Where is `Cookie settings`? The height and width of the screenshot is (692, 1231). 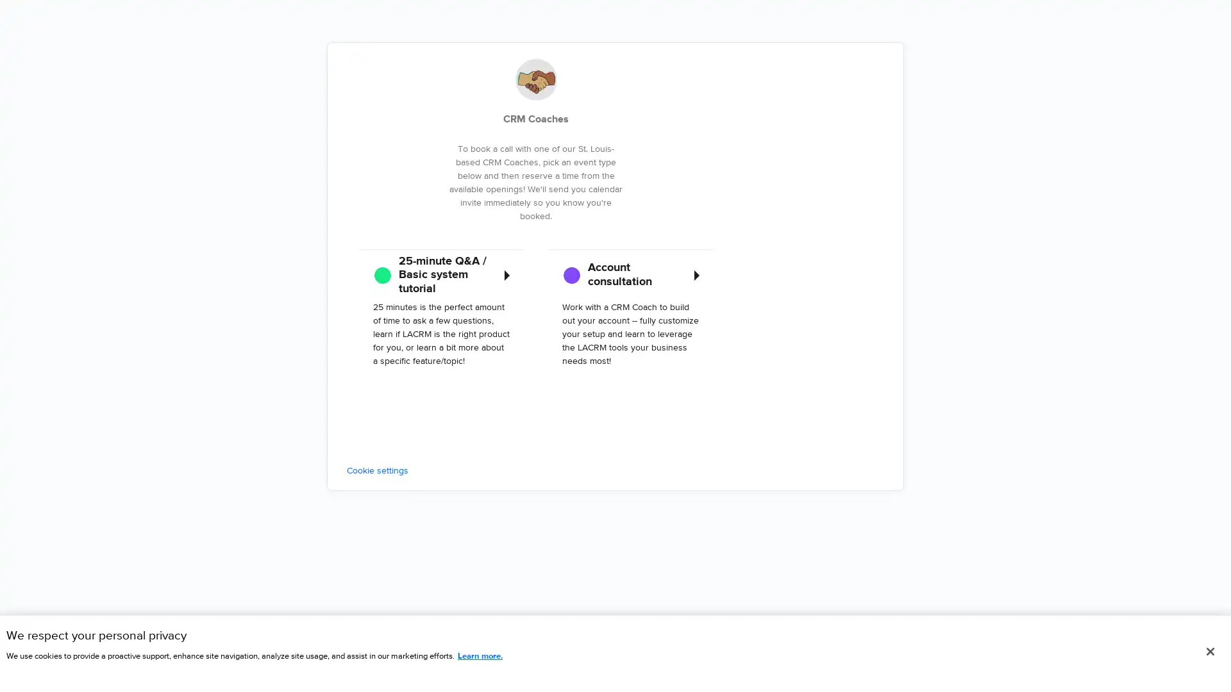 Cookie settings is located at coordinates (326, 471).